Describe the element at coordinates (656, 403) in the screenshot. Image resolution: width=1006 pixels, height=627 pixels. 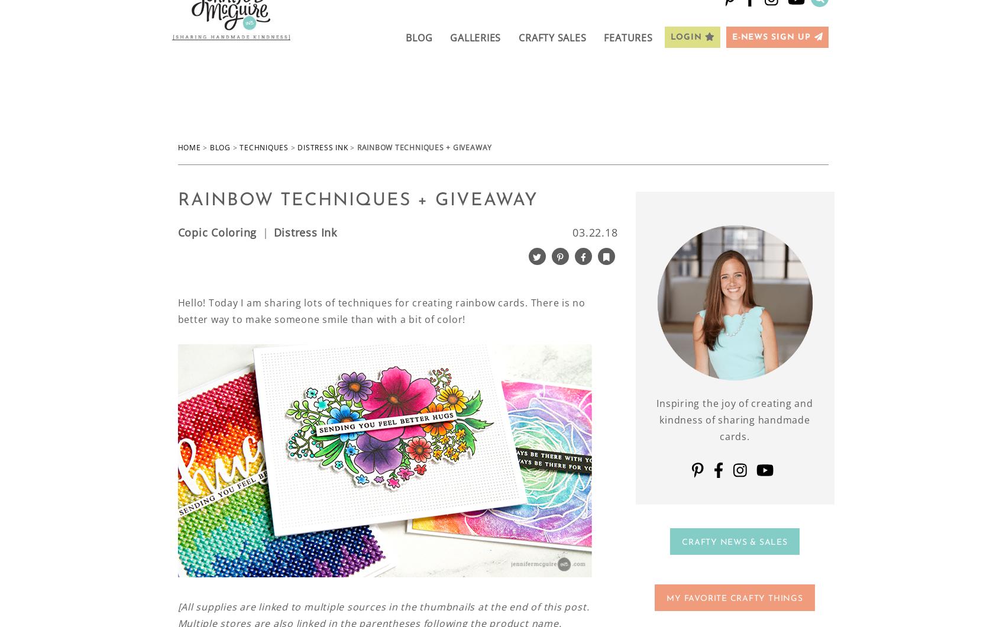
I see `'Inspiring the joy of creating and'` at that location.